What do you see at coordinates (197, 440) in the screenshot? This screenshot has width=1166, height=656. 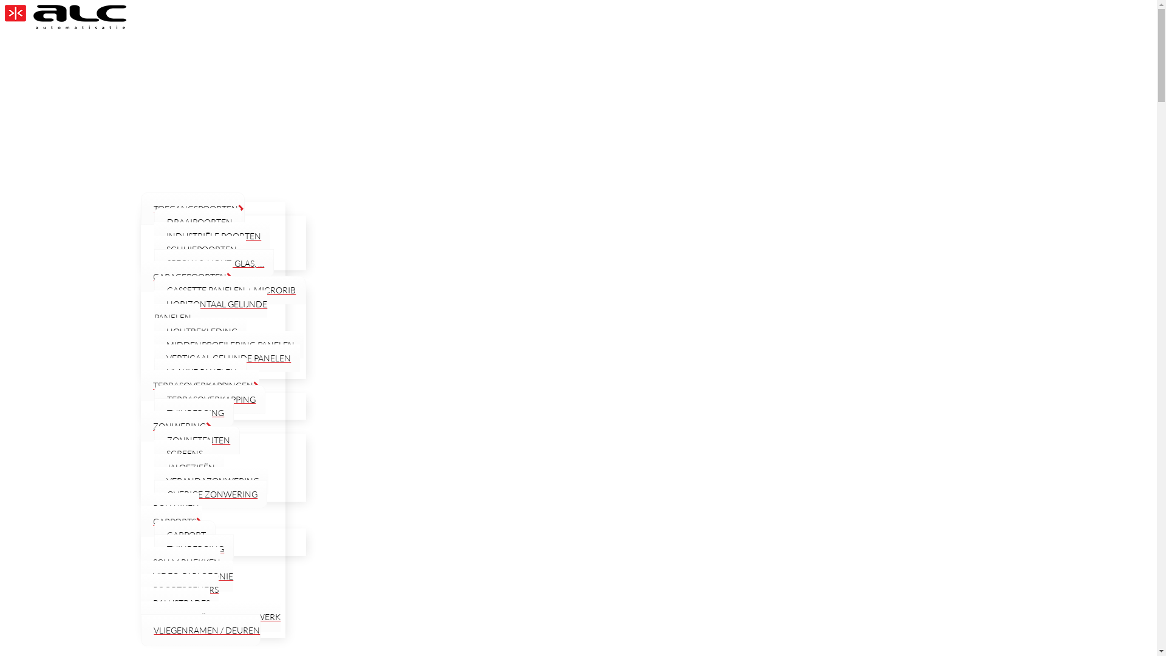 I see `'ZONNETENTEN'` at bounding box center [197, 440].